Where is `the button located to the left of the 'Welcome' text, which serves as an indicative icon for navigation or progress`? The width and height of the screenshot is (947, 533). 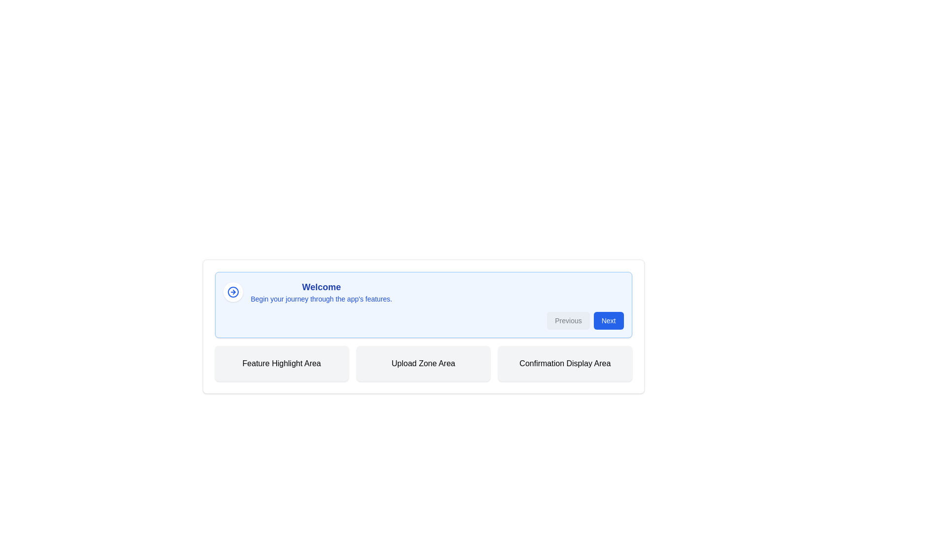
the button located to the left of the 'Welcome' text, which serves as an indicative icon for navigation or progress is located at coordinates (232, 291).